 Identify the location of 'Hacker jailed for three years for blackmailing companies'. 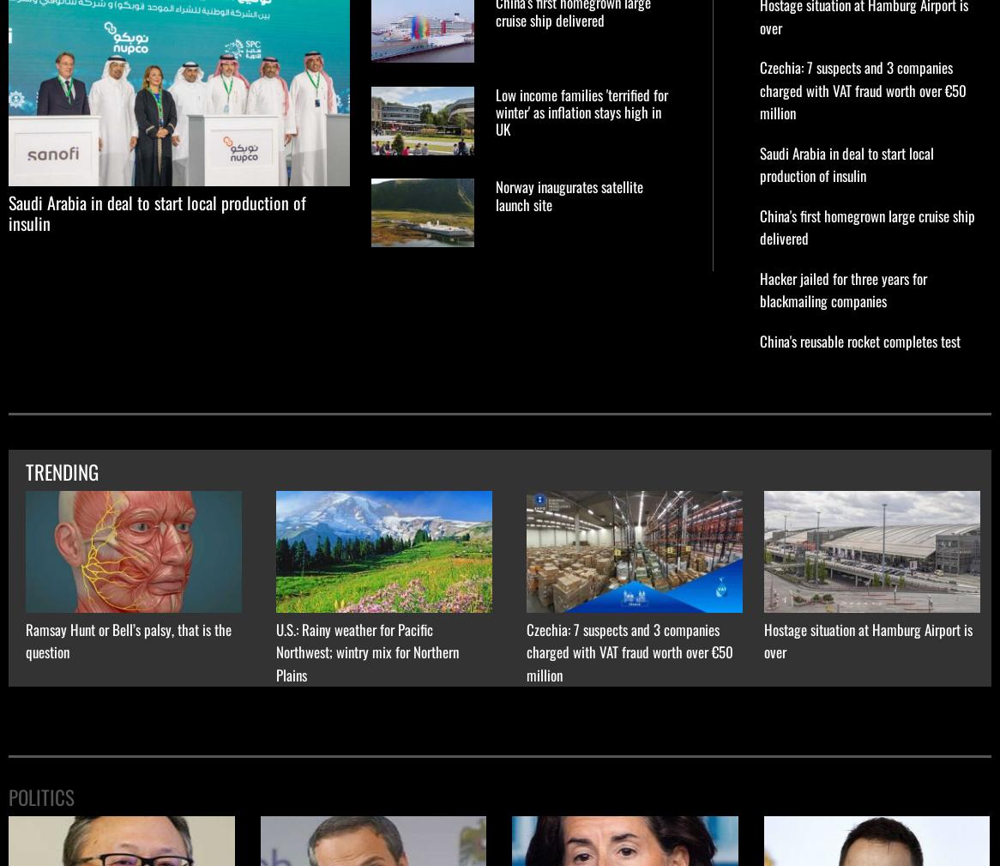
(843, 288).